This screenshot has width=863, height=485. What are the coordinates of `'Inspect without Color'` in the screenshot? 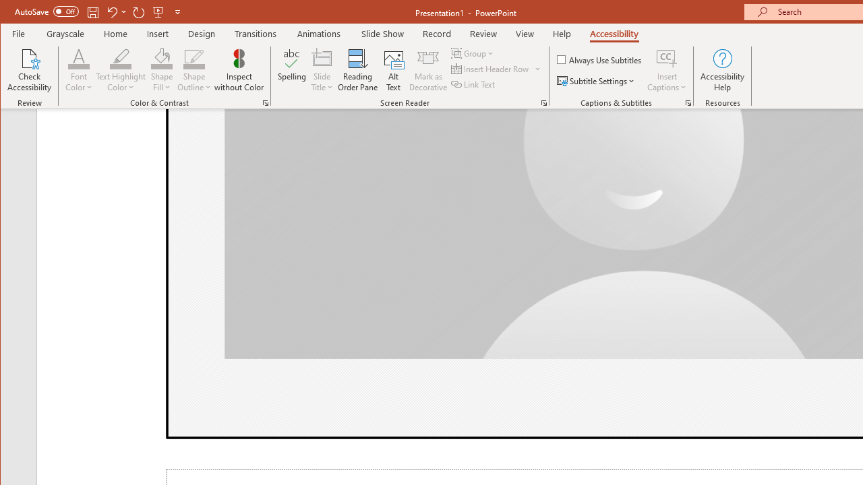 It's located at (239, 70).